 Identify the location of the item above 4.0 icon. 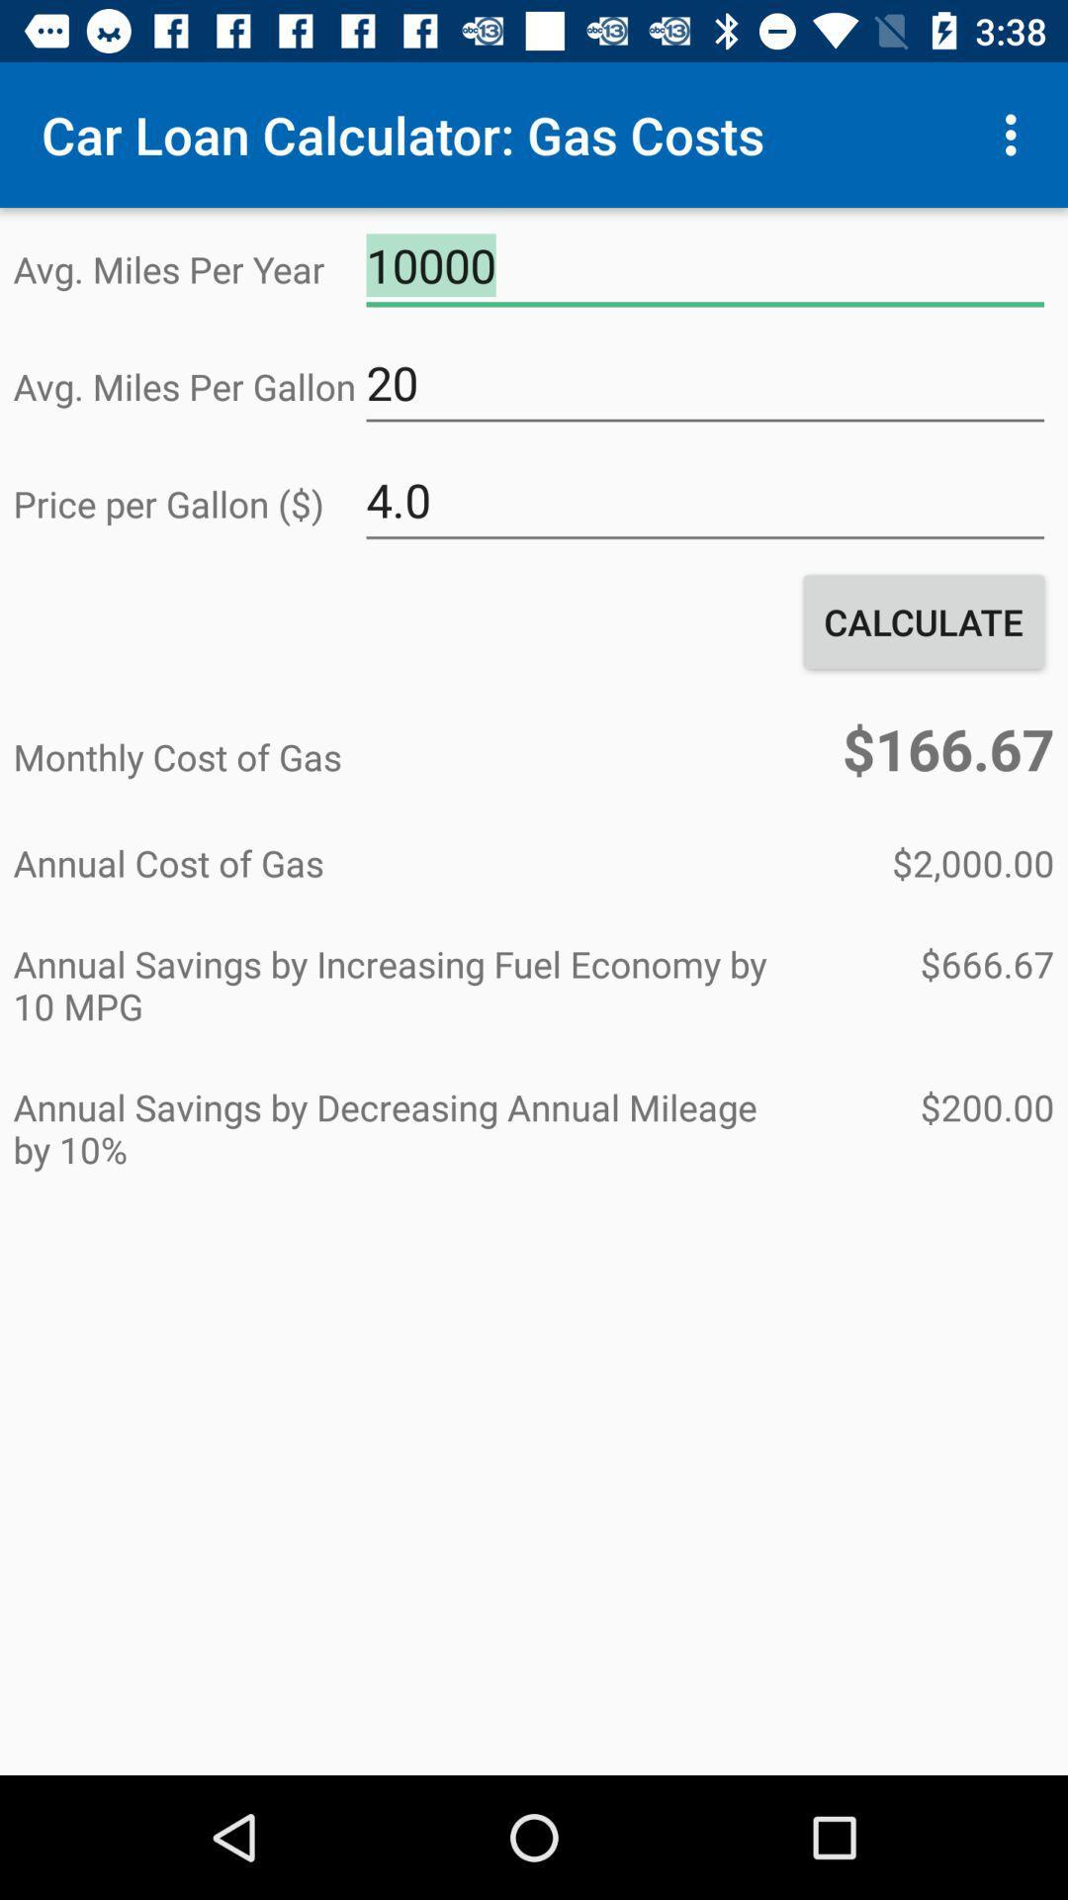
(704, 383).